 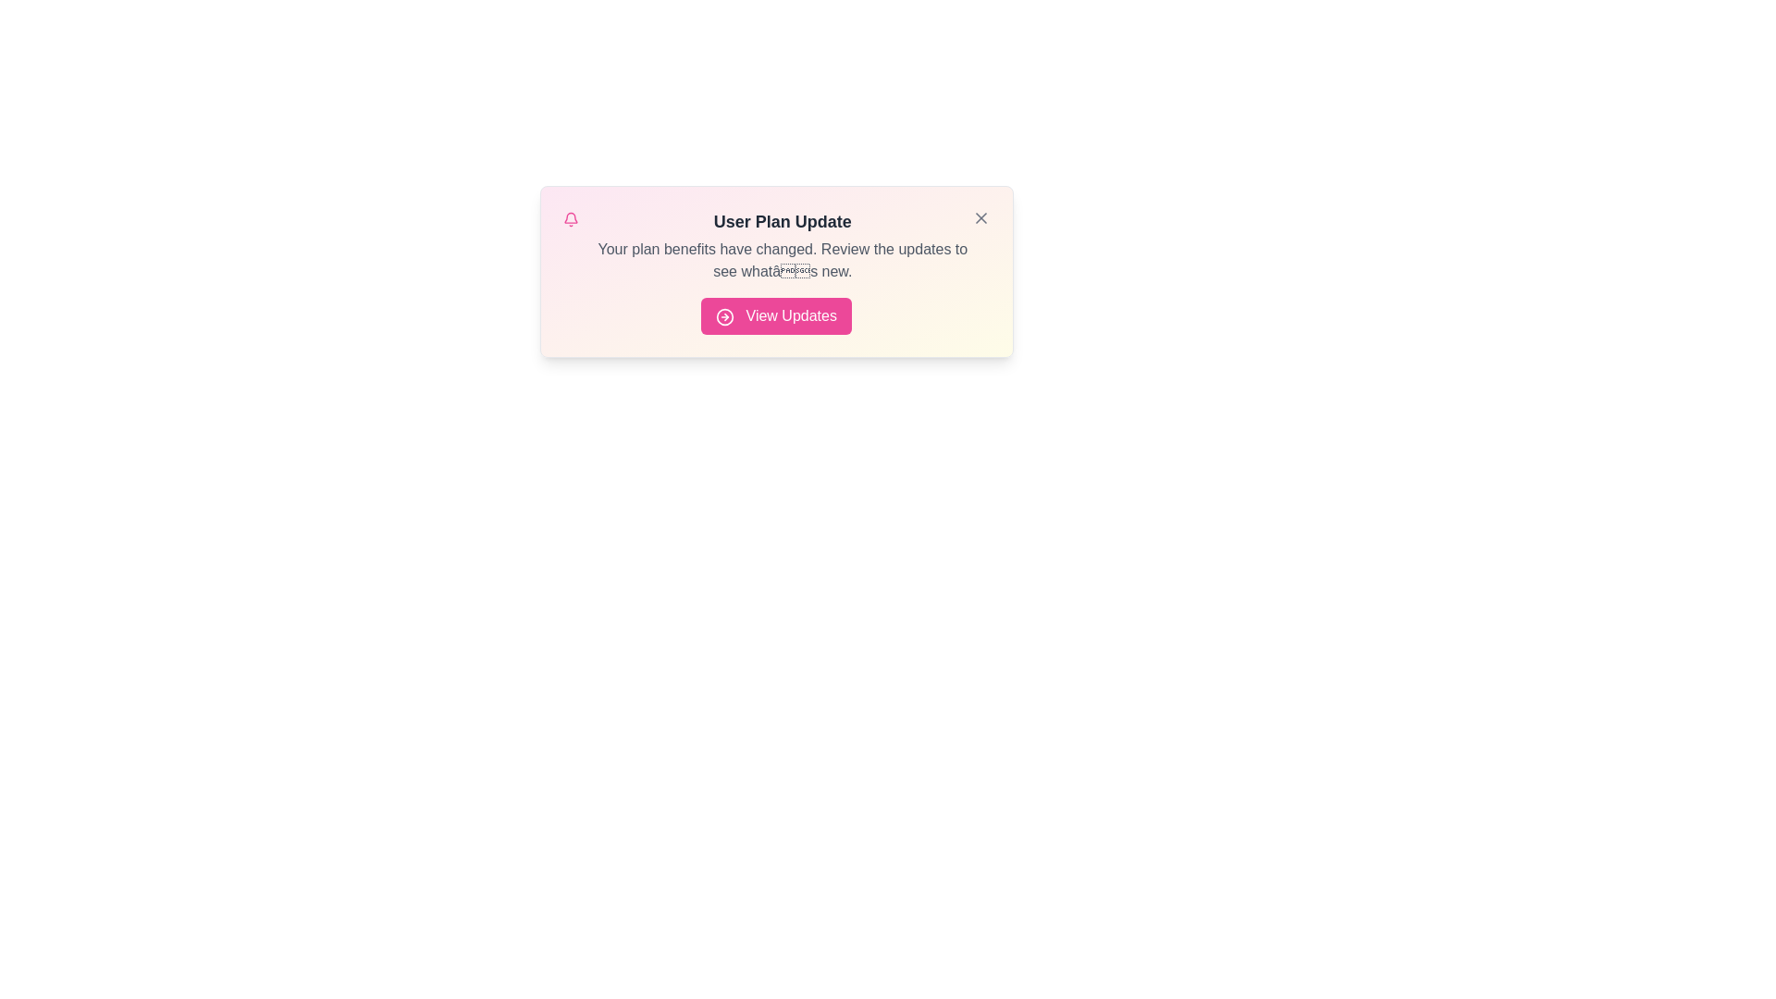 I want to click on the close_button to observe visual feedback, so click(x=980, y=216).